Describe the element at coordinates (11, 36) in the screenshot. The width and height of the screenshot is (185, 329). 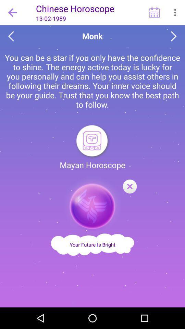
I see `previous button` at that location.